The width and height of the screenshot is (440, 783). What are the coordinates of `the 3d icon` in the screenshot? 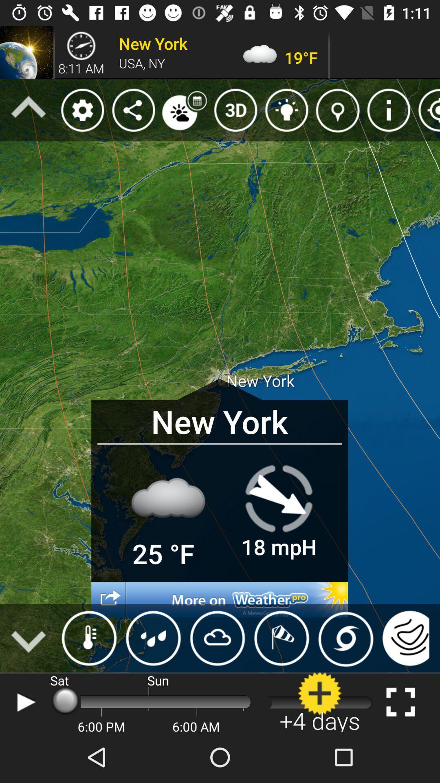 It's located at (235, 110).